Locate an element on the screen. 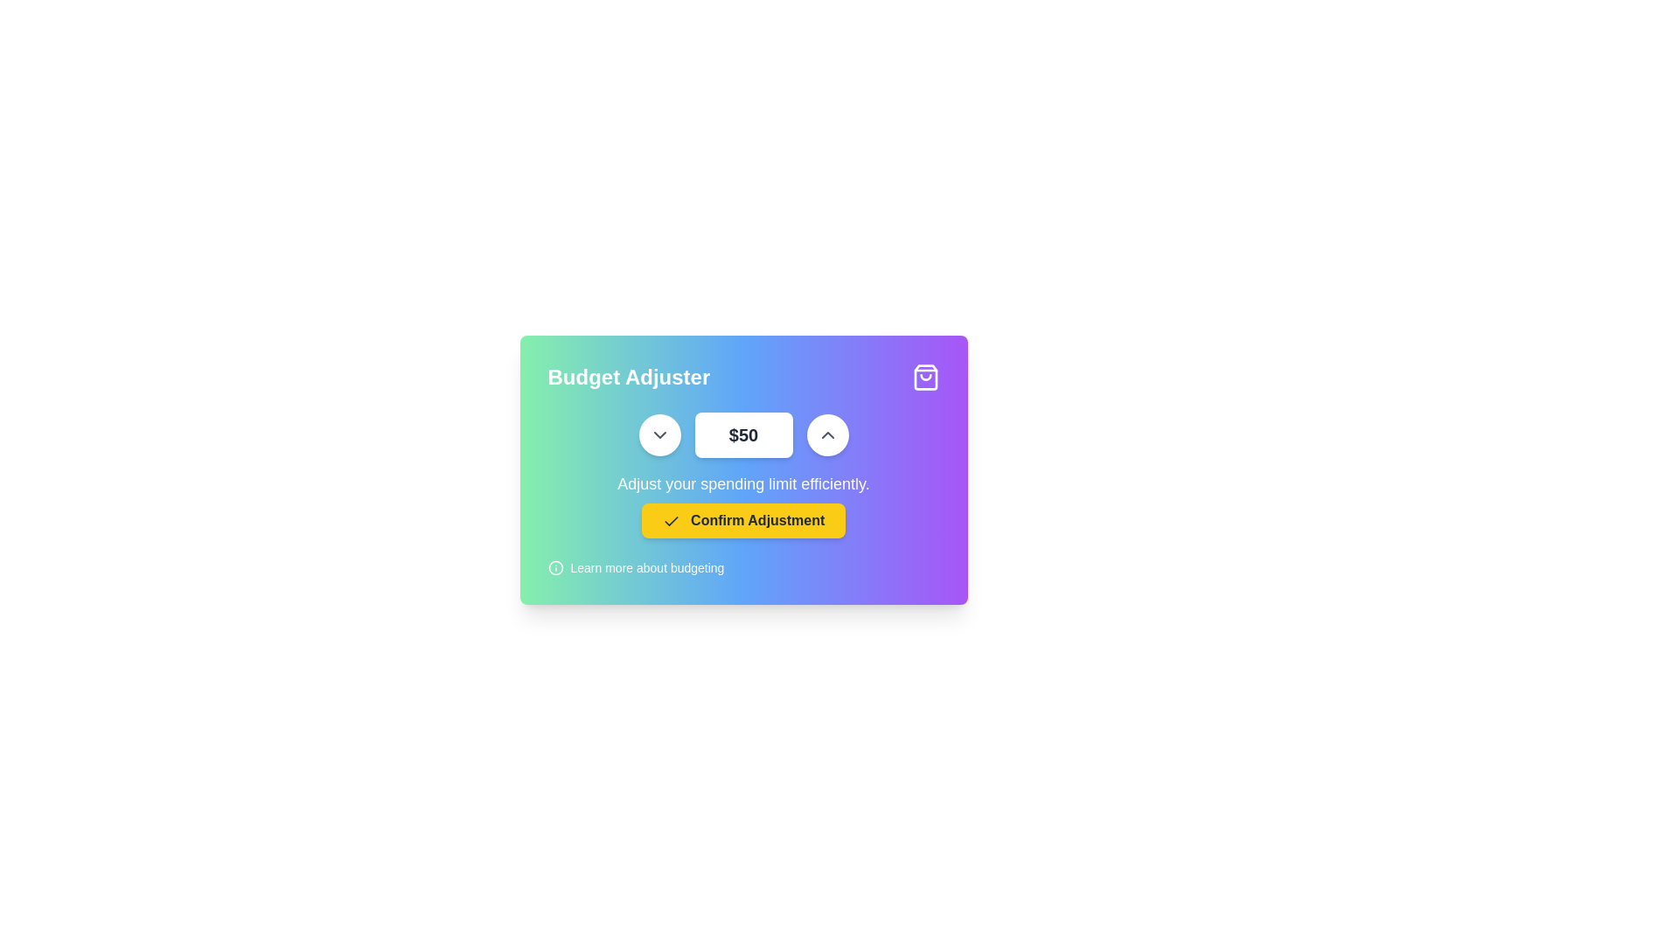  the small checkmark icon with a yellow background, which is located to the left of the text 'Confirm Adjustment' within the yellow button at the bottom center of the colorful gradient card is located at coordinates (670, 520).